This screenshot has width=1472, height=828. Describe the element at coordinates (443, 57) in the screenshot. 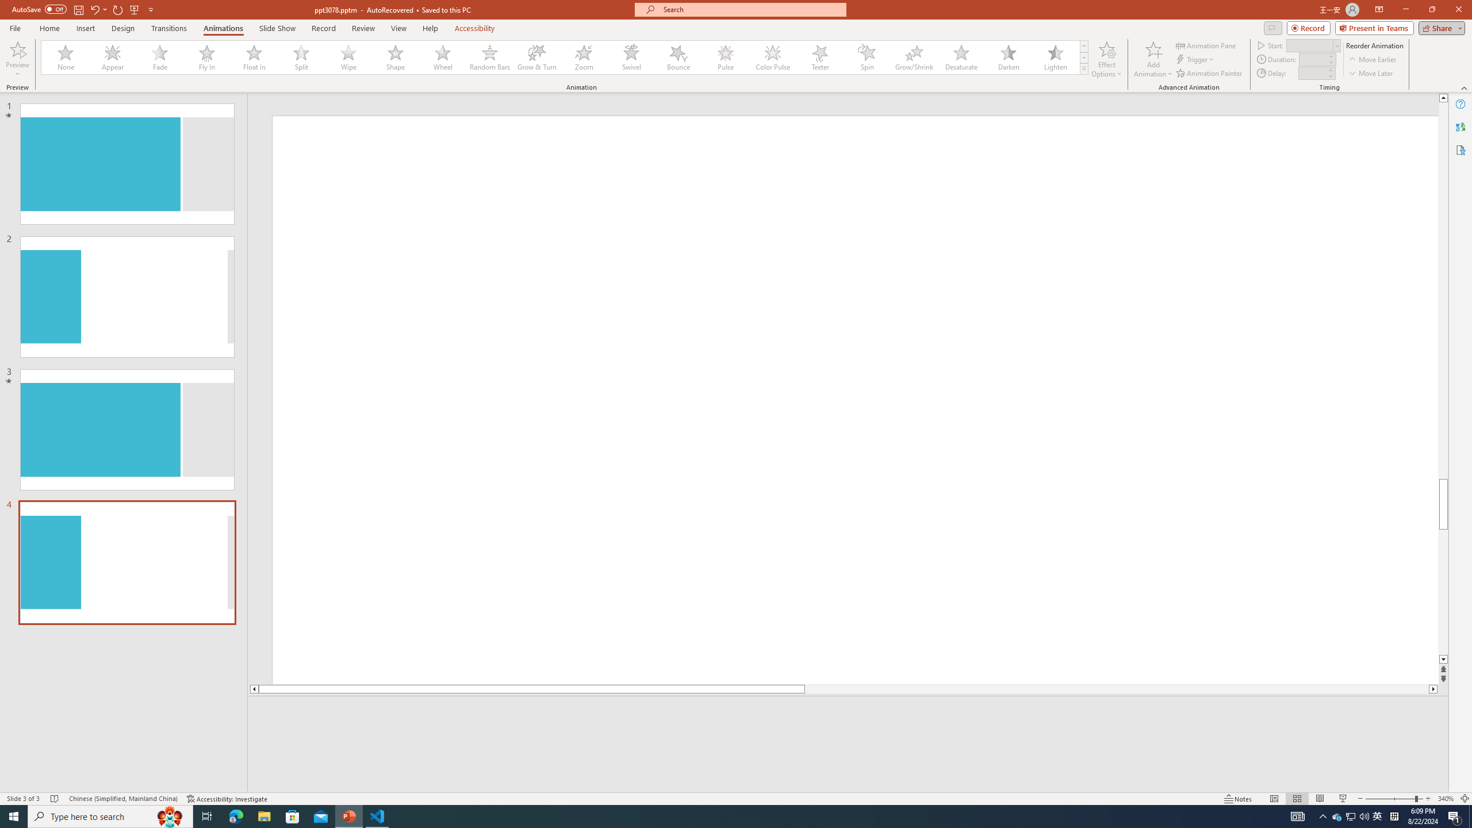

I see `'Wheel'` at that location.